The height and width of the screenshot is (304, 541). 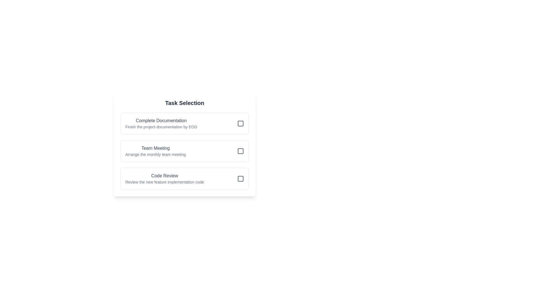 What do you see at coordinates (241, 123) in the screenshot?
I see `the red square icon with rounded corners next to the 'Complete Documentation' label` at bounding box center [241, 123].